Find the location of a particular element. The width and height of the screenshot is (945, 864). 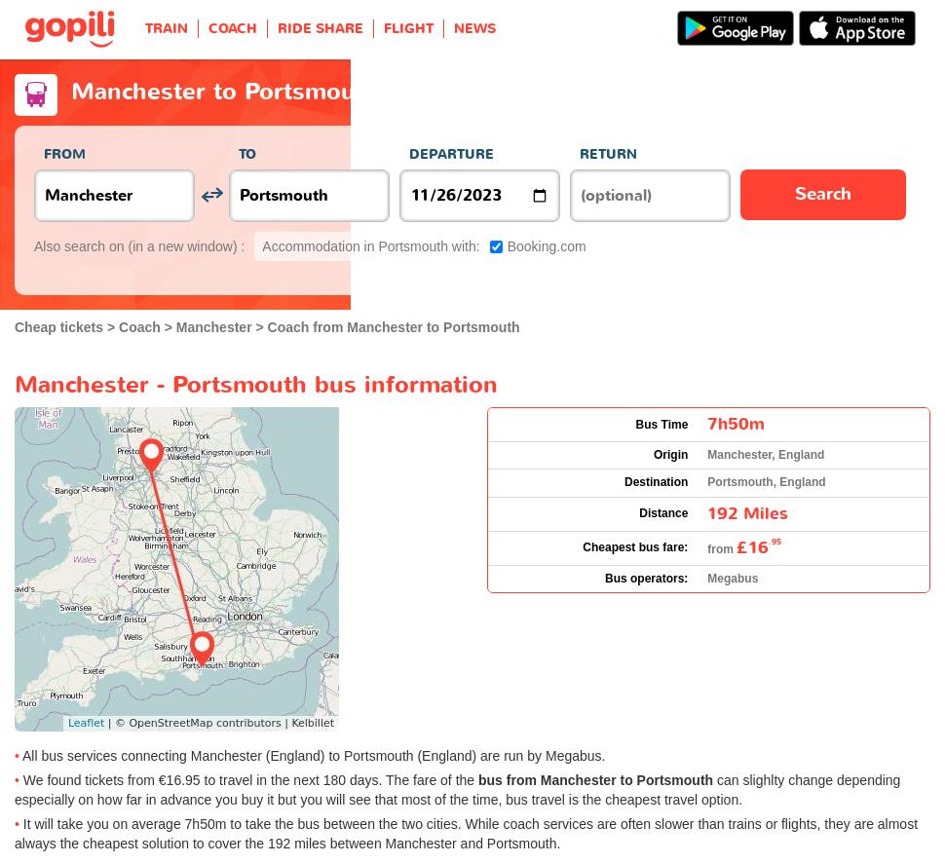

'Also search on' is located at coordinates (80, 244).